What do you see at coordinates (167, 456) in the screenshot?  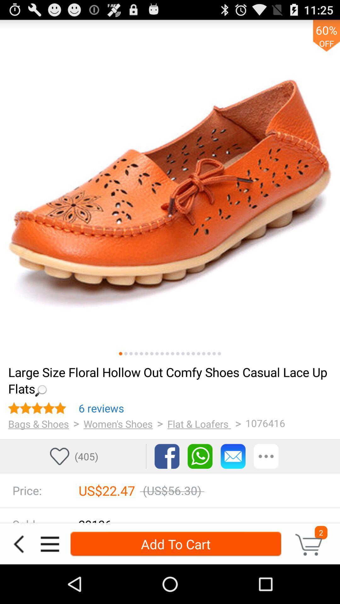 I see `facebook share` at bounding box center [167, 456].